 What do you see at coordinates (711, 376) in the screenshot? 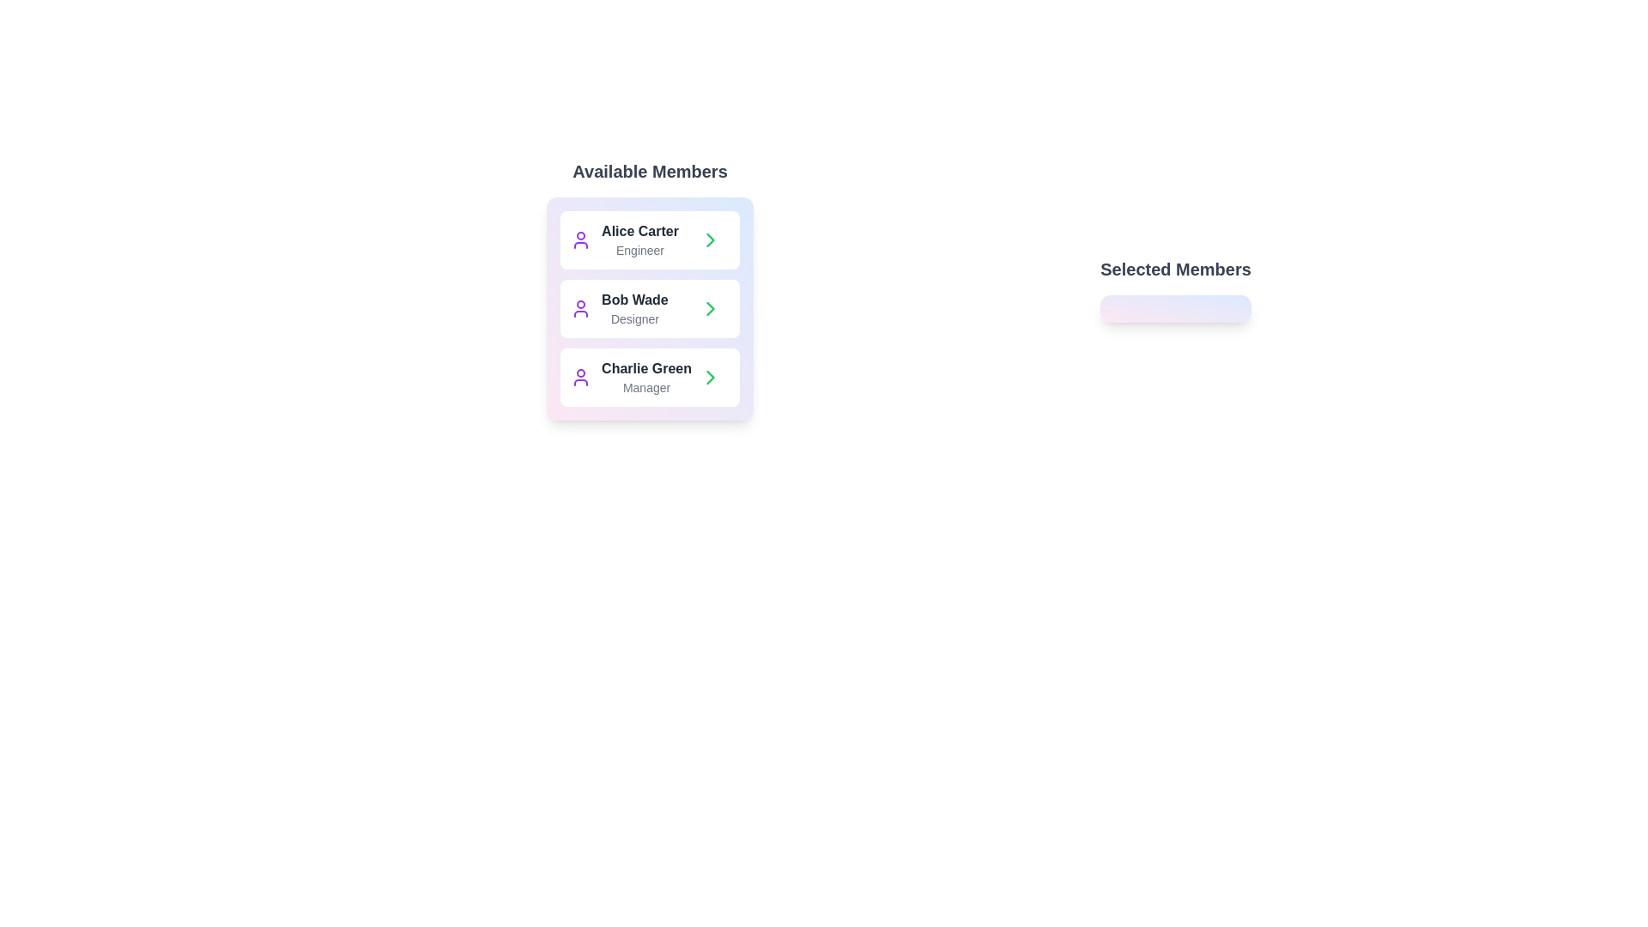
I see `green arrow button corresponding to the member Charlie Green to move them to the selected list` at bounding box center [711, 376].